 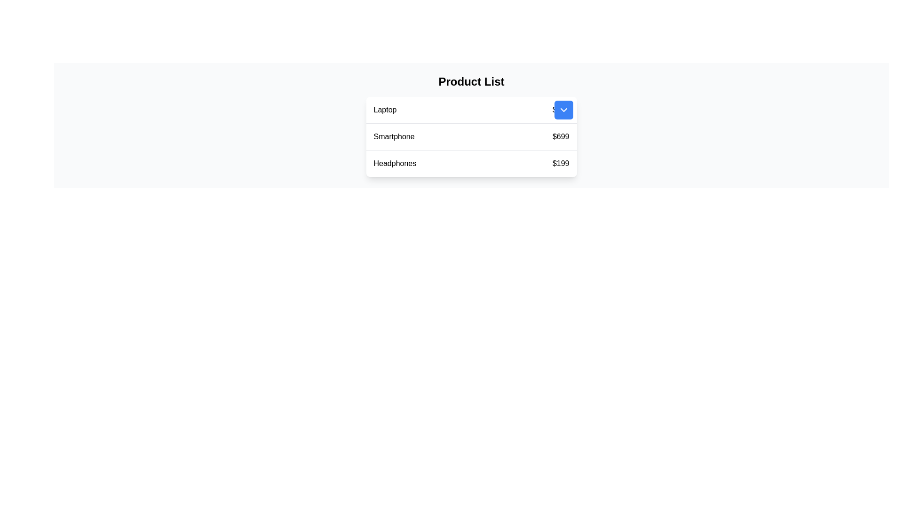 What do you see at coordinates (394, 136) in the screenshot?
I see `the 'Smartphone' text label` at bounding box center [394, 136].